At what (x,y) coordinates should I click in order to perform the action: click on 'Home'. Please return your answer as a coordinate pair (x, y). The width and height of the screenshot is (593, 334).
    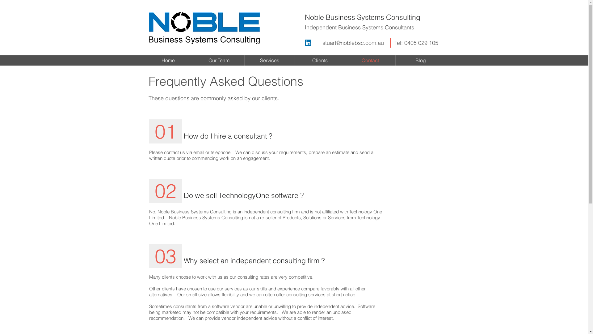
    Looking at the image, I should click on (168, 60).